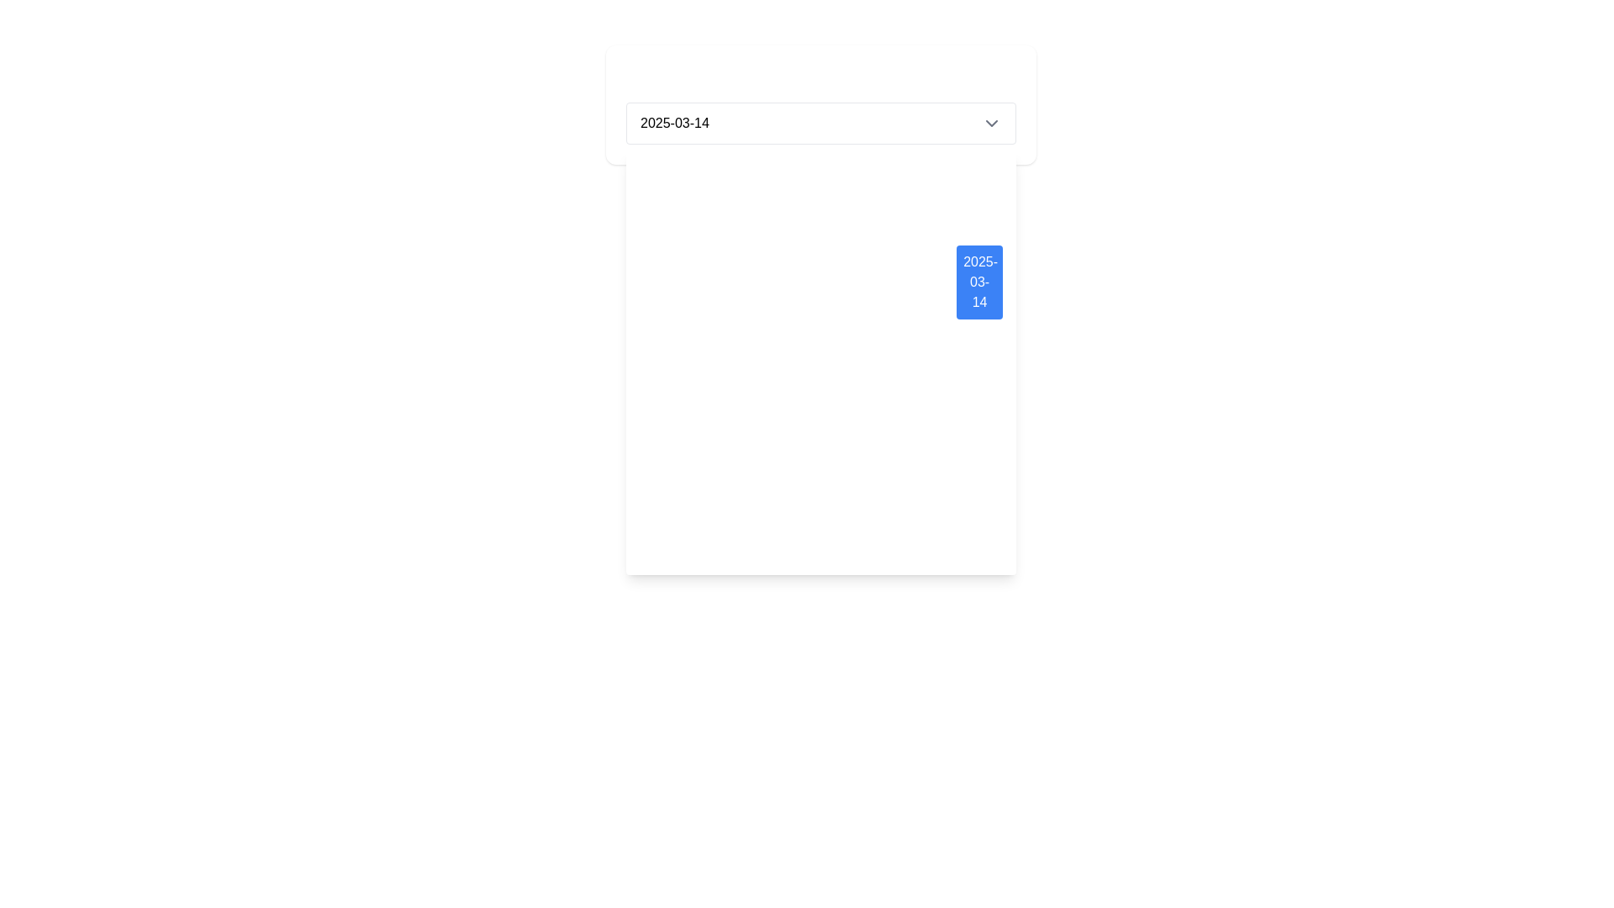 The height and width of the screenshot is (908, 1614). I want to click on the date selector dropdown menu located at the top of the modal interface, so click(821, 104).